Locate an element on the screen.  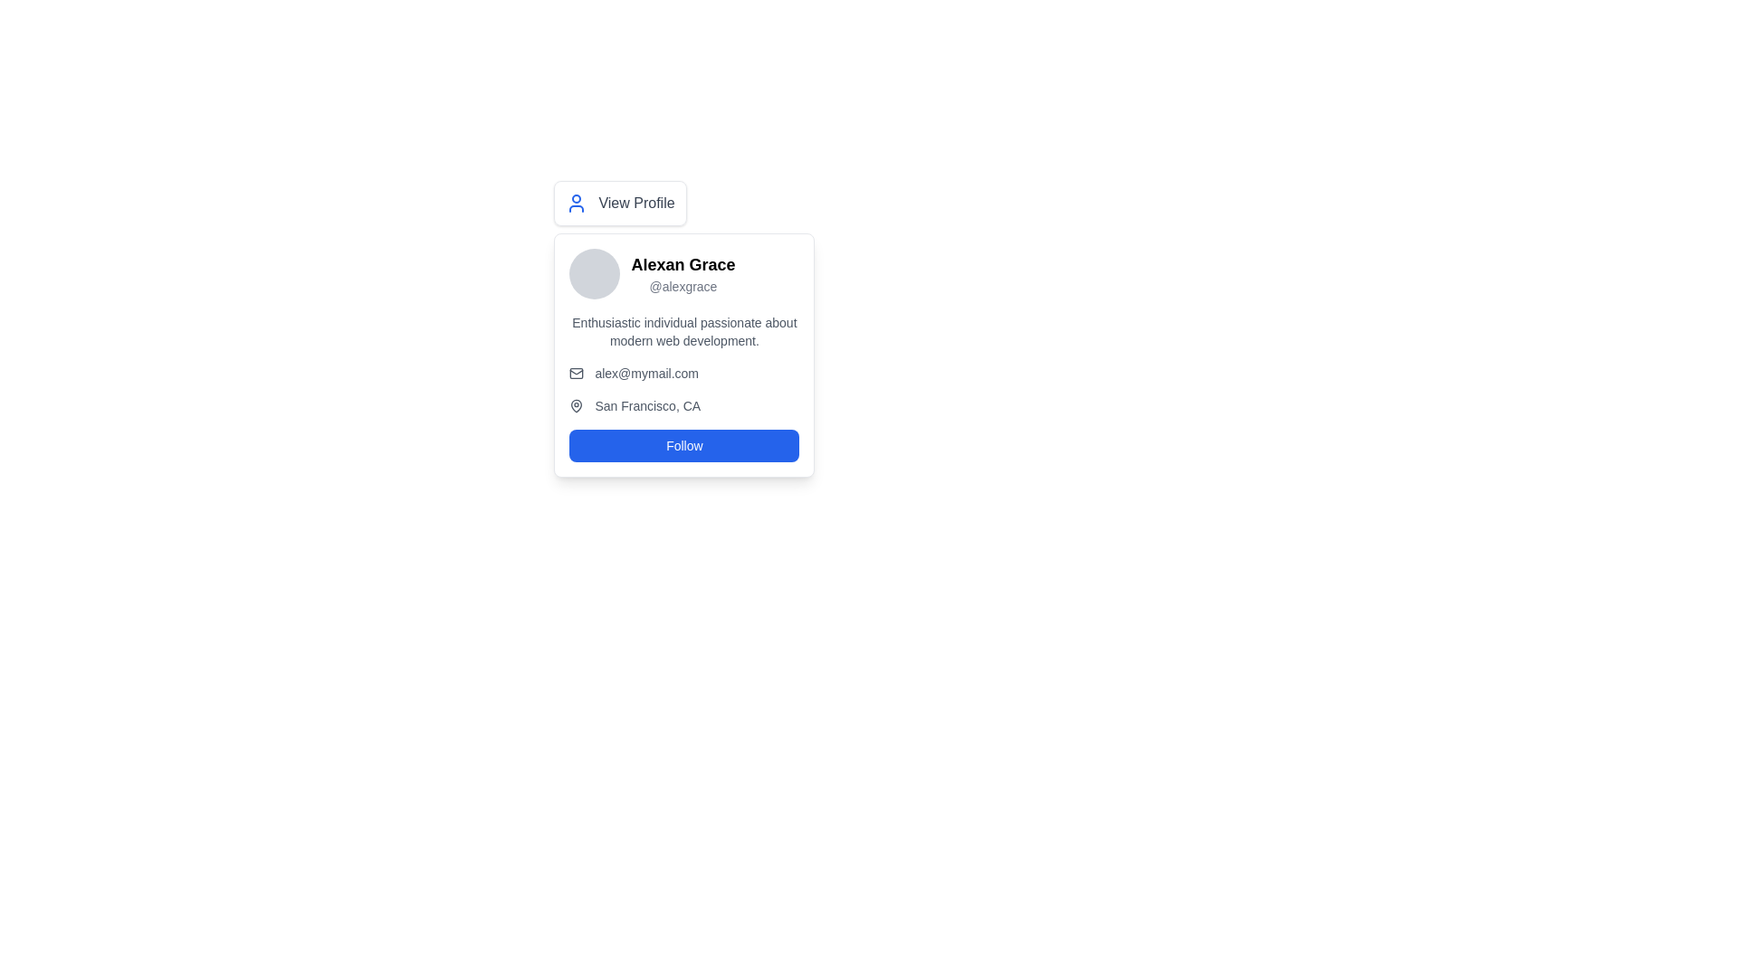
information provided within the static text block located in the middle section of the profile card, below the user's name and username is located at coordinates (683, 331).